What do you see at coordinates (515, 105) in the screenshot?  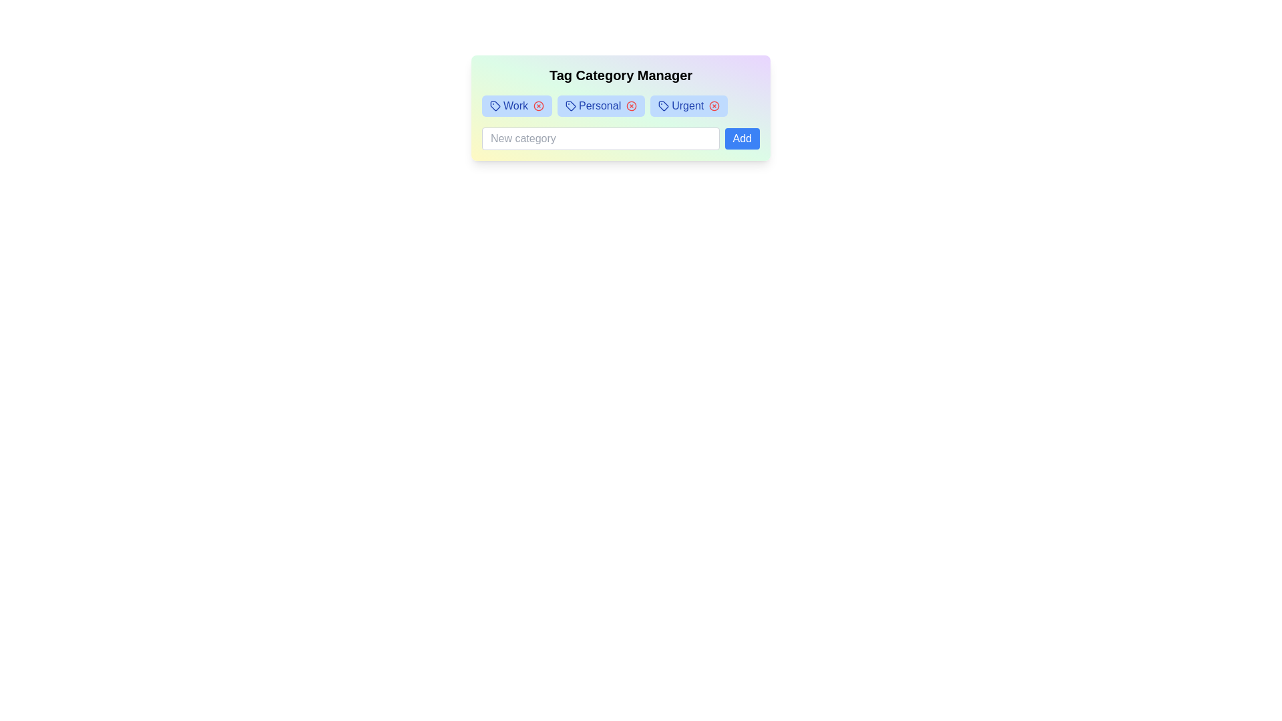 I see `the text labeled 'Work' styled in blue on a light blue background, positioned within a rounded rectangular tag design for reading` at bounding box center [515, 105].